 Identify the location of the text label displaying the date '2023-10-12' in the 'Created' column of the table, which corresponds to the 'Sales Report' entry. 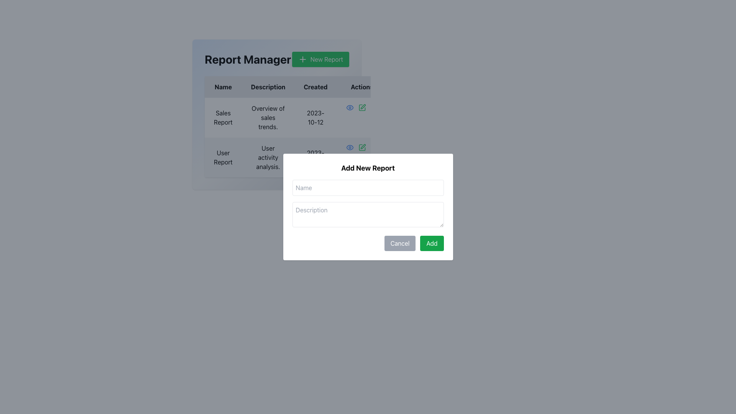
(315, 118).